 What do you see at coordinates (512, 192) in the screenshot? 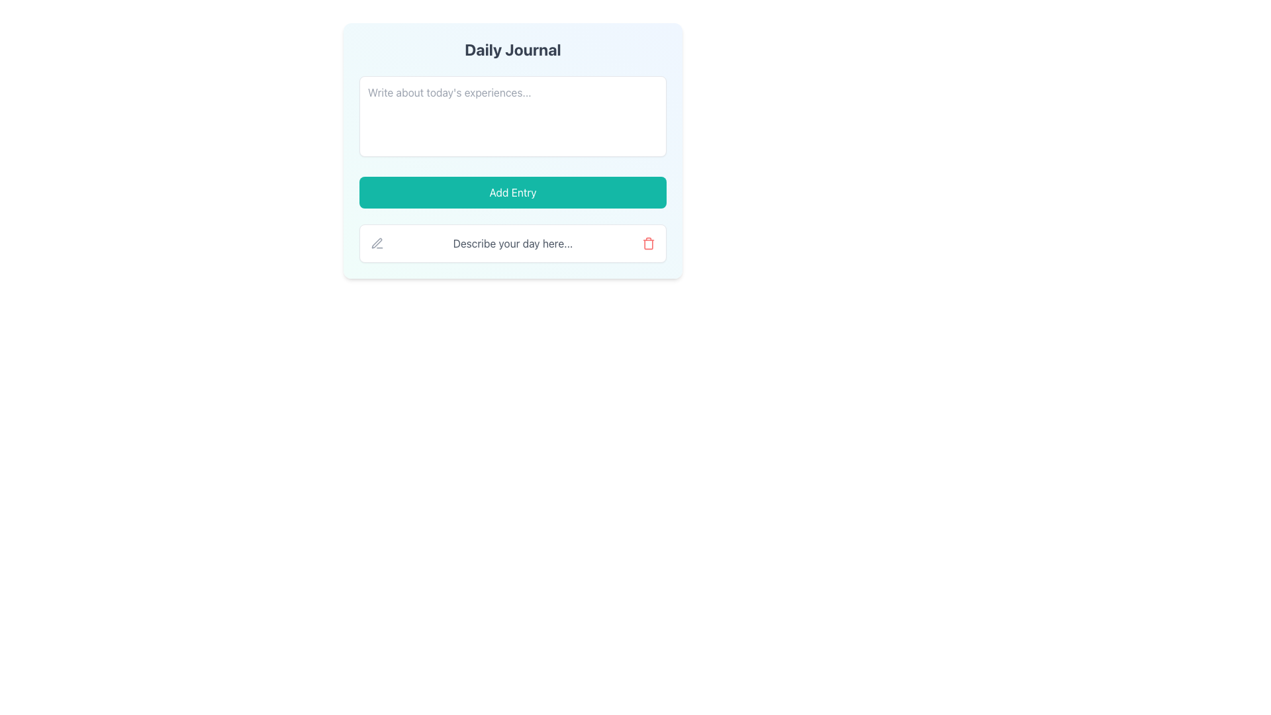
I see `the teal-colored 'Add Entry' button with rounded corners to trigger the visual hover effect` at bounding box center [512, 192].